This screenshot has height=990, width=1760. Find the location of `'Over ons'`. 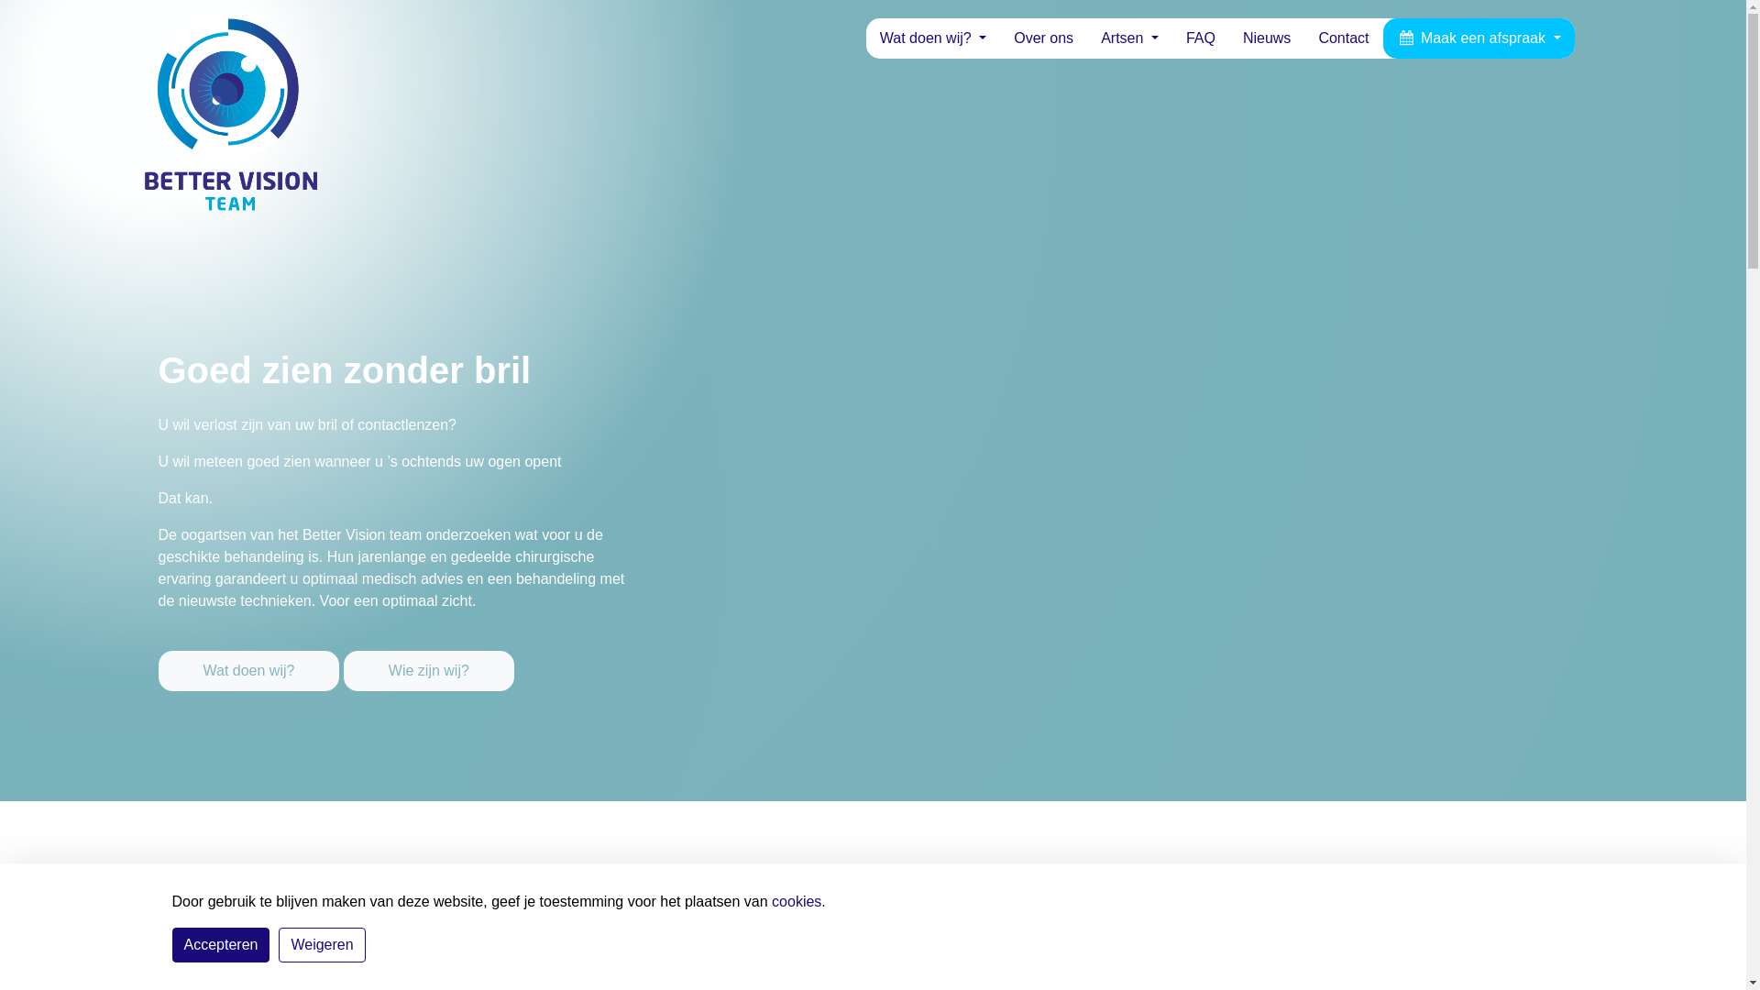

'Over ons' is located at coordinates (998, 38).